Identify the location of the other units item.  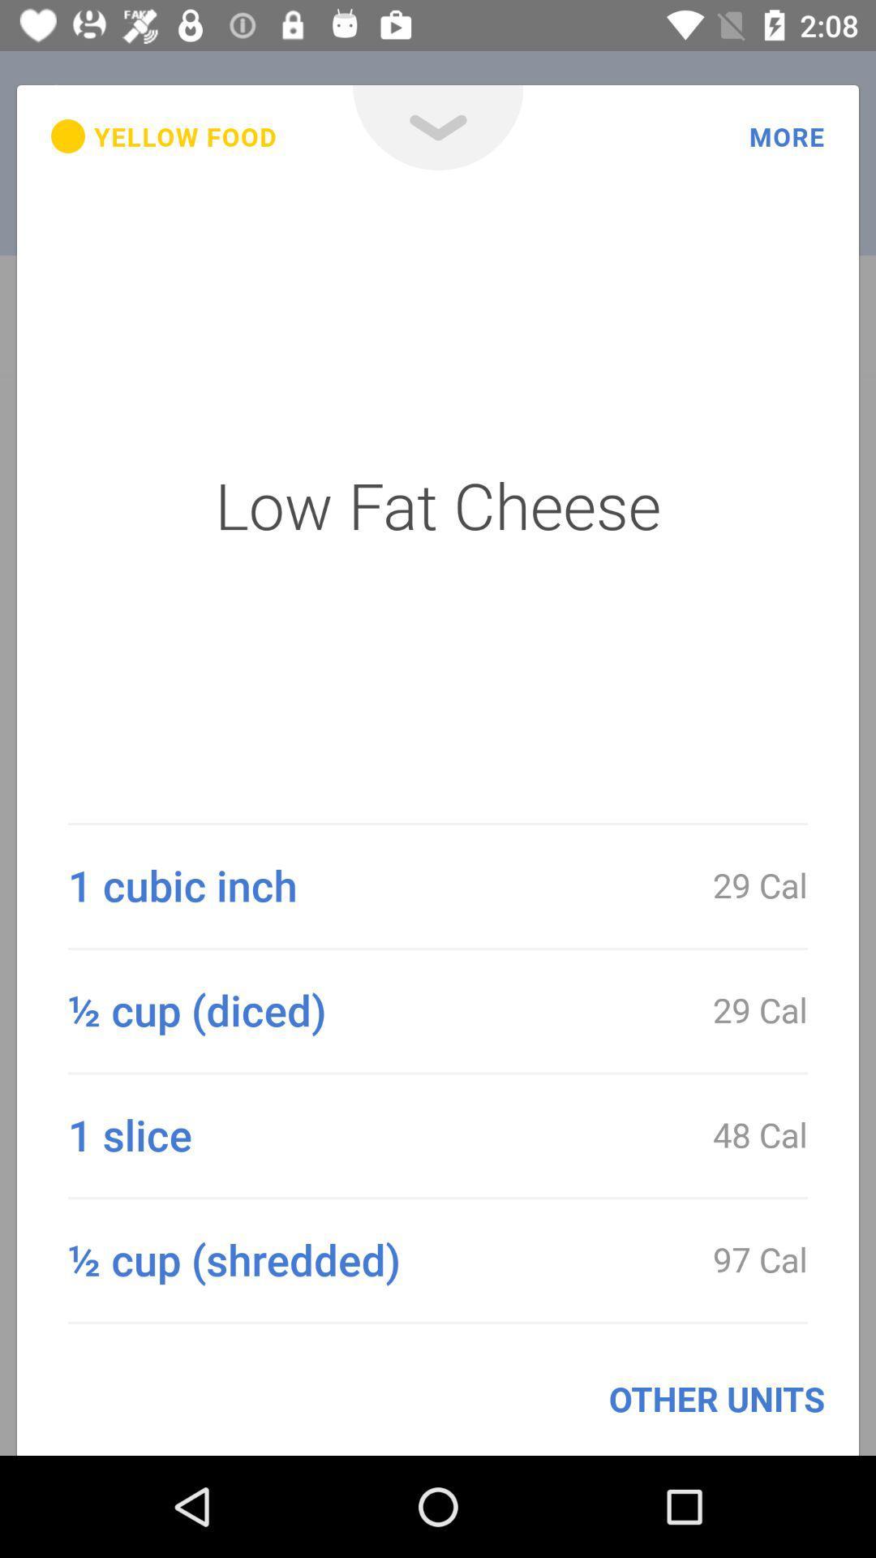
(715, 1397).